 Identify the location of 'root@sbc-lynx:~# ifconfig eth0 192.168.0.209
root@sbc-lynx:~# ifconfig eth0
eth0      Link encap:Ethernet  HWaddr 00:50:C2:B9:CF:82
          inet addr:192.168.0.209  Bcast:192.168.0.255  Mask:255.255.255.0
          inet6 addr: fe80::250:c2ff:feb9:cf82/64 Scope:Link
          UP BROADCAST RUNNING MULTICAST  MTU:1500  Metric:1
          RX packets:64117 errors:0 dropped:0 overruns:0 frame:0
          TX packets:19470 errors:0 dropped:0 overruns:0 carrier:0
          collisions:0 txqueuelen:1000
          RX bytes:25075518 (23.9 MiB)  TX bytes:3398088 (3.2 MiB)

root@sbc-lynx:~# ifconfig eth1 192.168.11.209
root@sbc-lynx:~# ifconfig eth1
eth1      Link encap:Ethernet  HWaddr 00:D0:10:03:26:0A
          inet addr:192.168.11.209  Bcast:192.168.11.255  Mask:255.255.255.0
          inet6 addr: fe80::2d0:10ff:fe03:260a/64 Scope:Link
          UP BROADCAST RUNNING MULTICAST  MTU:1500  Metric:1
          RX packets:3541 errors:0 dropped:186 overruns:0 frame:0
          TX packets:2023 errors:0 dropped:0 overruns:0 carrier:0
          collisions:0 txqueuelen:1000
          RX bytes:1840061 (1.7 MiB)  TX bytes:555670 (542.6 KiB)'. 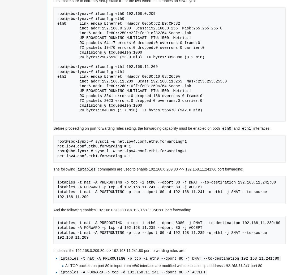
(142, 62).